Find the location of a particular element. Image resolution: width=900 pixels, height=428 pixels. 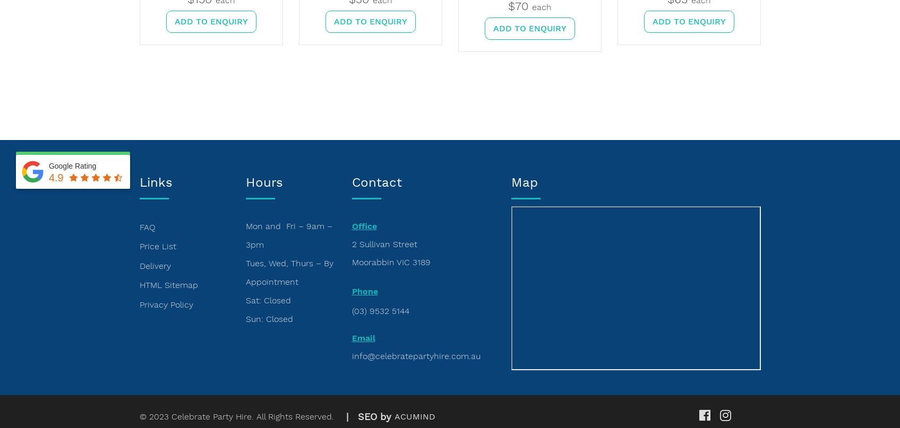

'Mon and  Fri – 9am – 3pm' is located at coordinates (288, 235).